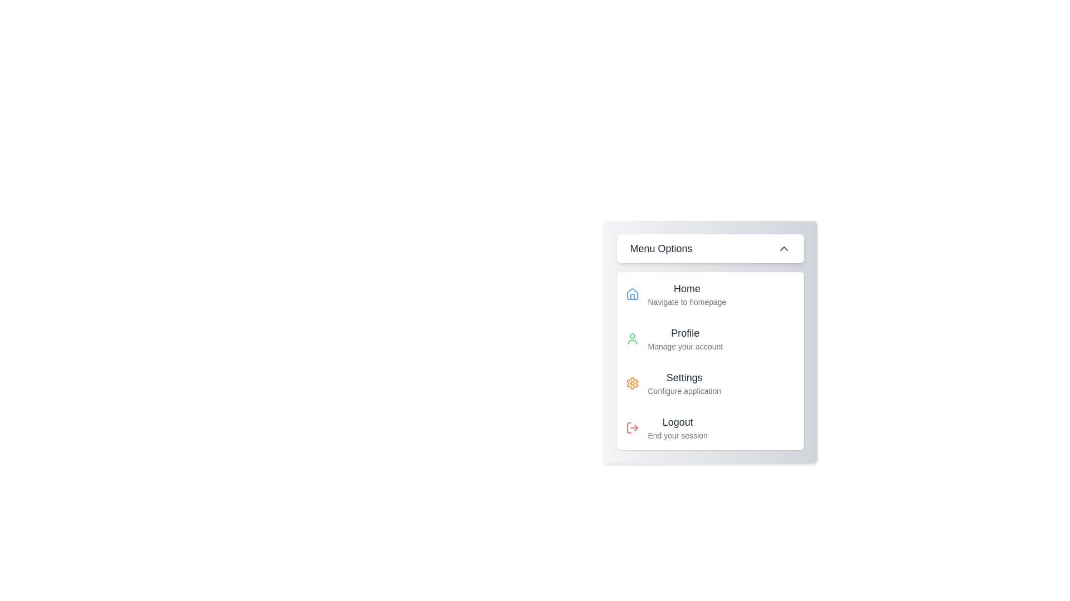  I want to click on the gray-colored text label that reads 'Configure application' located below the 'Settings' title in the top-right vertical menu, so click(684, 390).